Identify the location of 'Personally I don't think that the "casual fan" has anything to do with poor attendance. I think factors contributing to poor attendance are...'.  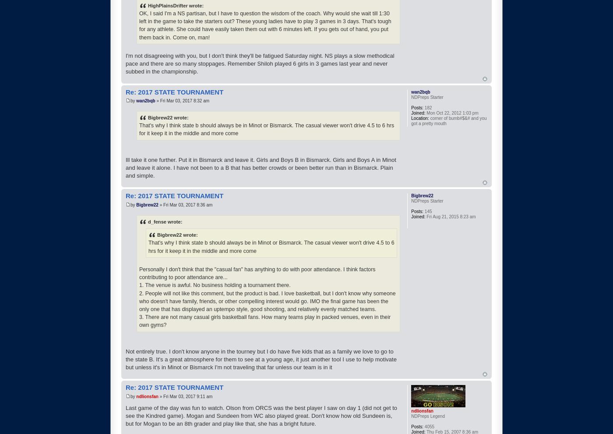
(257, 273).